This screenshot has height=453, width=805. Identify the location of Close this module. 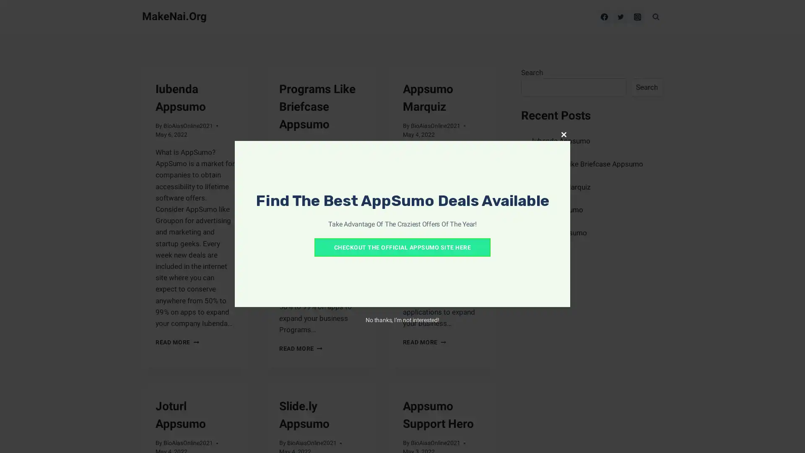
(563, 134).